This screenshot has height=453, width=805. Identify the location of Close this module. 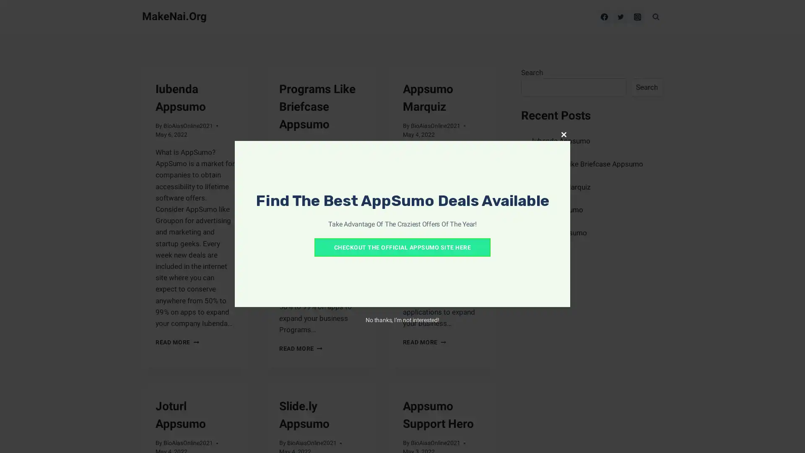
(563, 134).